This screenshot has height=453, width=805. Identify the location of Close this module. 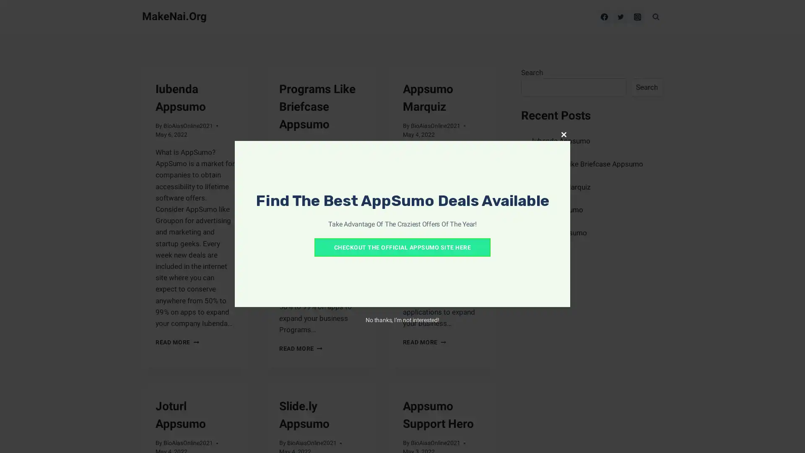
(563, 134).